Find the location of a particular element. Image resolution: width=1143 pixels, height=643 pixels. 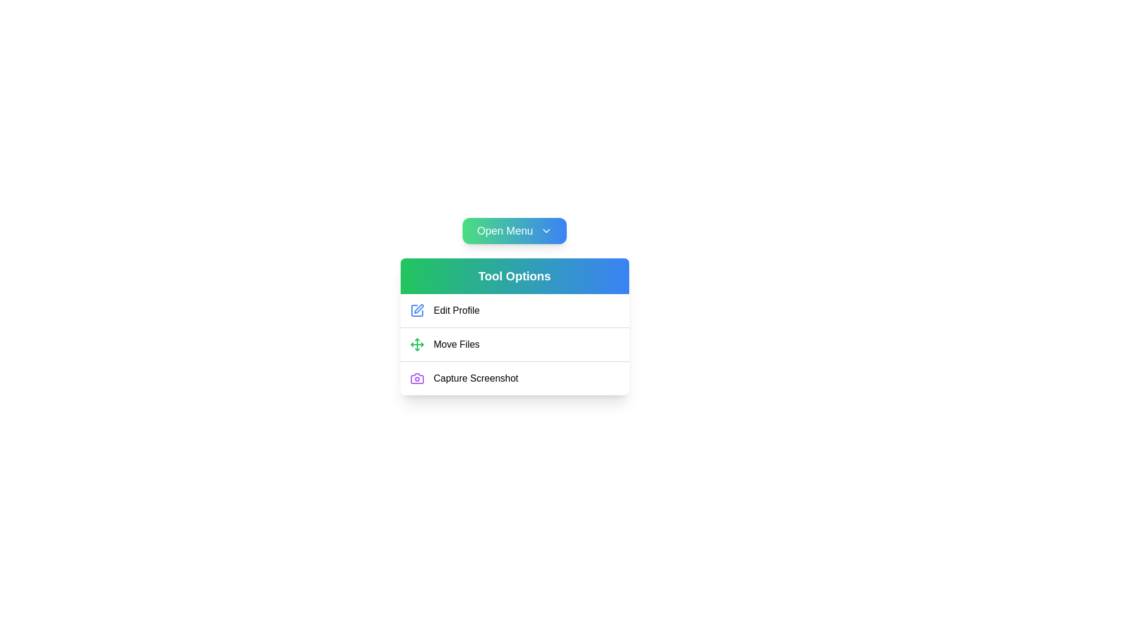

the 'Edit Profile' text label in the 'Tool Options' dropdown menu is located at coordinates (456, 310).